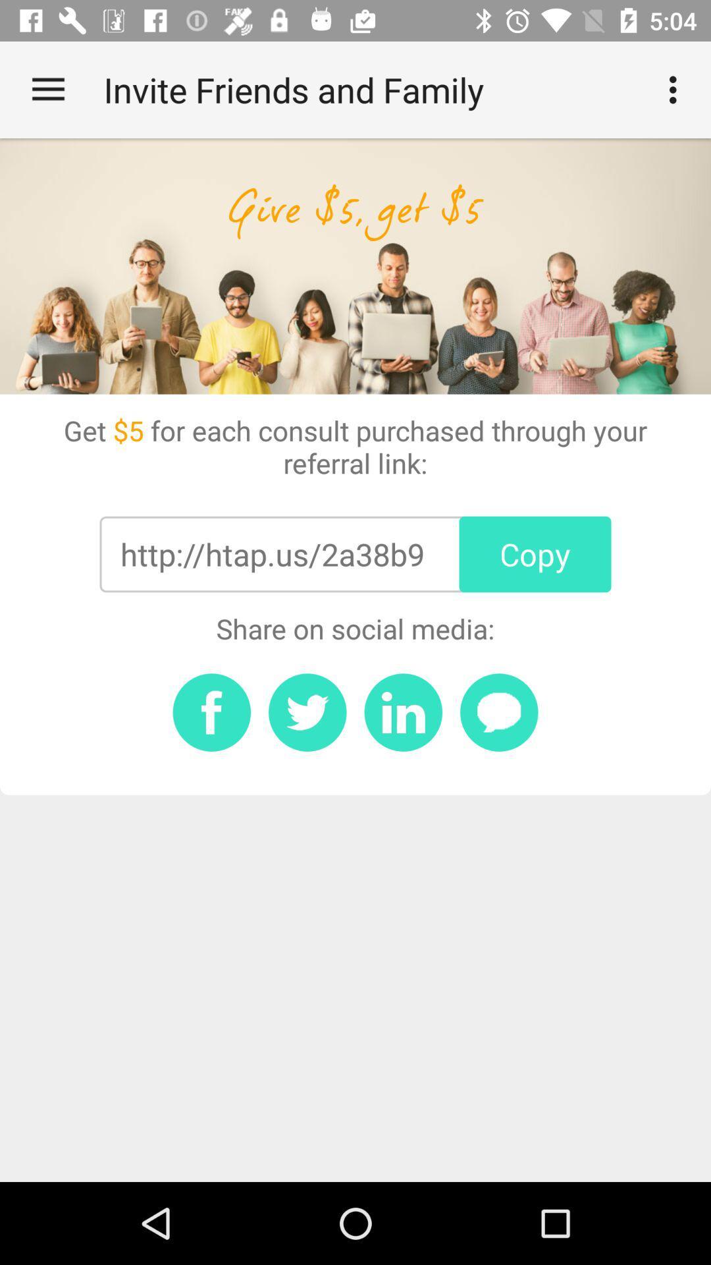  I want to click on twitter button, so click(307, 712).